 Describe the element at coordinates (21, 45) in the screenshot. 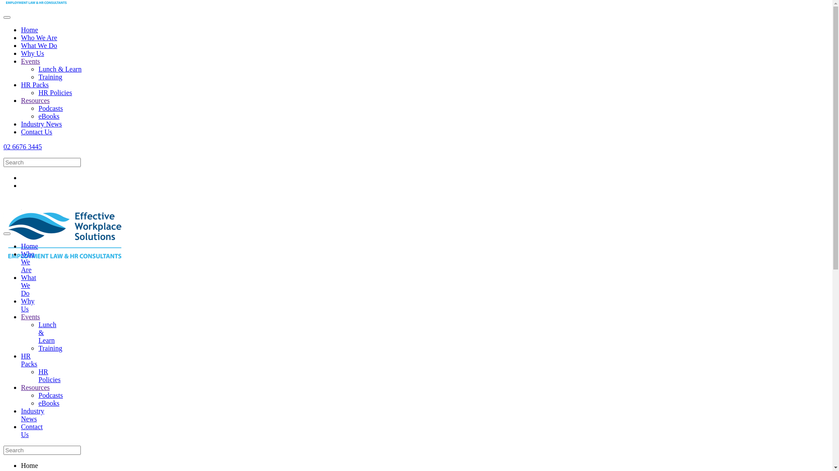

I see `'What We Do'` at that location.